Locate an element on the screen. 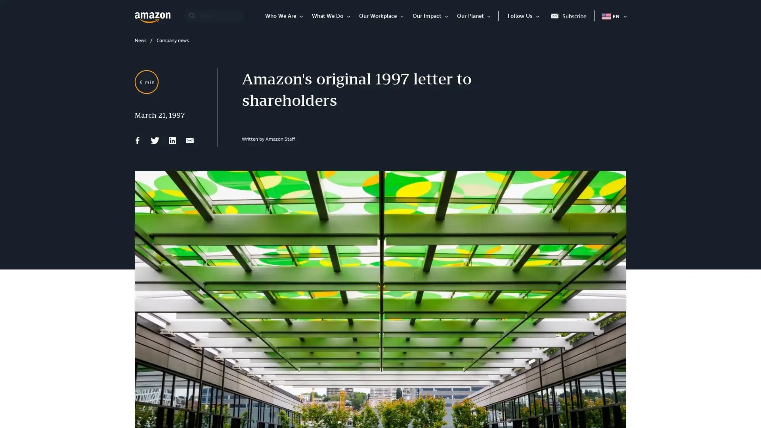 Image resolution: width=761 pixels, height=428 pixels. OPEN ITEM is located at coordinates (623, 15).